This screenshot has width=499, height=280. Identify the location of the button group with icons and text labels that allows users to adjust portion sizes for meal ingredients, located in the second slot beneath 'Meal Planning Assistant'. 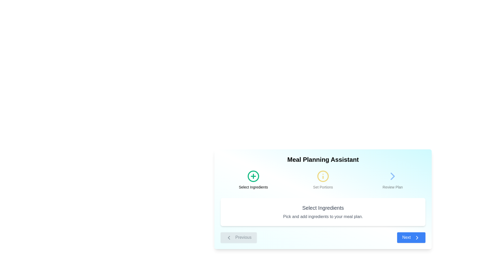
(323, 180).